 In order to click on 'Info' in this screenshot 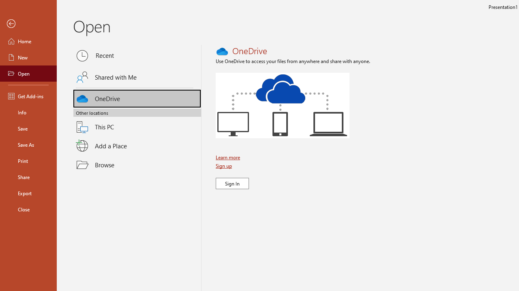, I will do `click(28, 112)`.